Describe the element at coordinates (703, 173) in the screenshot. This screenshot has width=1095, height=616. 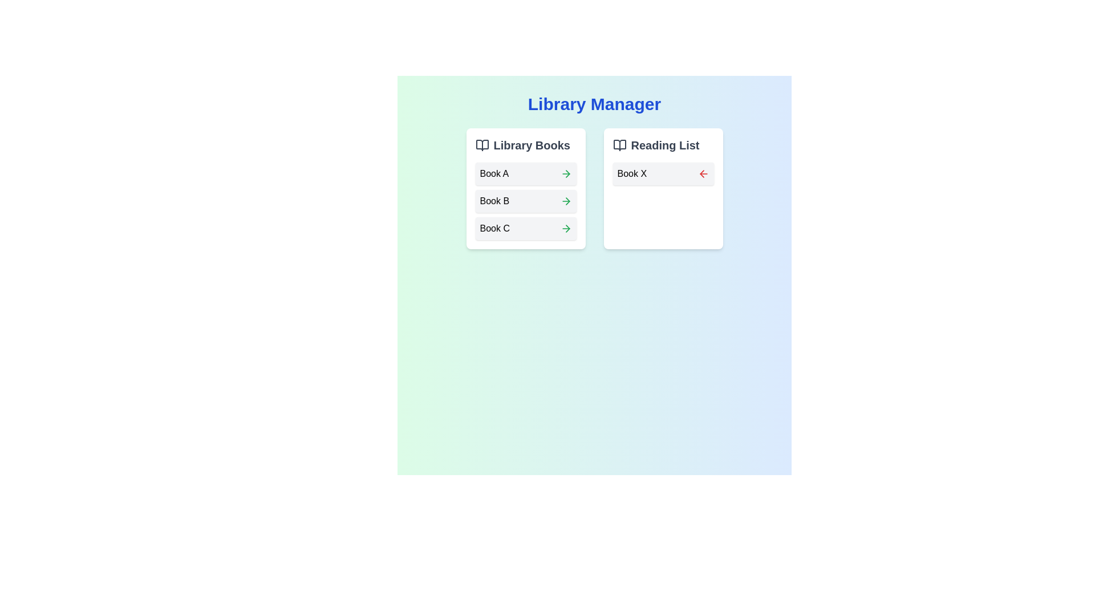
I see `the button icon located to the right of the text 'Book X' in the 'Reading List' section` at that location.